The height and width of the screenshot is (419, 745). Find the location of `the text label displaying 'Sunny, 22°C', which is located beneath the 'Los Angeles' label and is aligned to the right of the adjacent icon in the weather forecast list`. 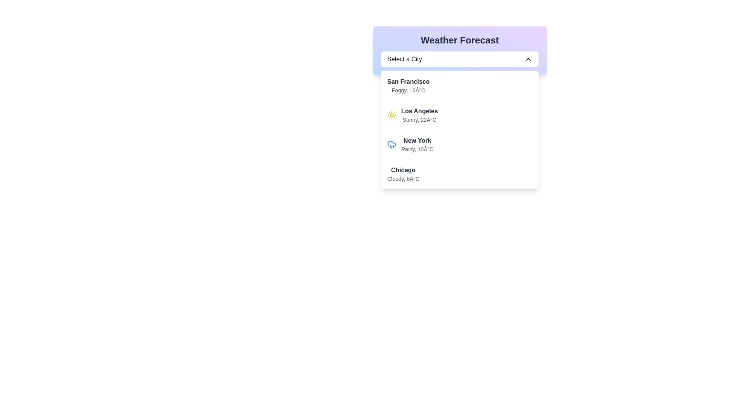

the text label displaying 'Sunny, 22°C', which is located beneath the 'Los Angeles' label and is aligned to the right of the adjacent icon in the weather forecast list is located at coordinates (419, 119).